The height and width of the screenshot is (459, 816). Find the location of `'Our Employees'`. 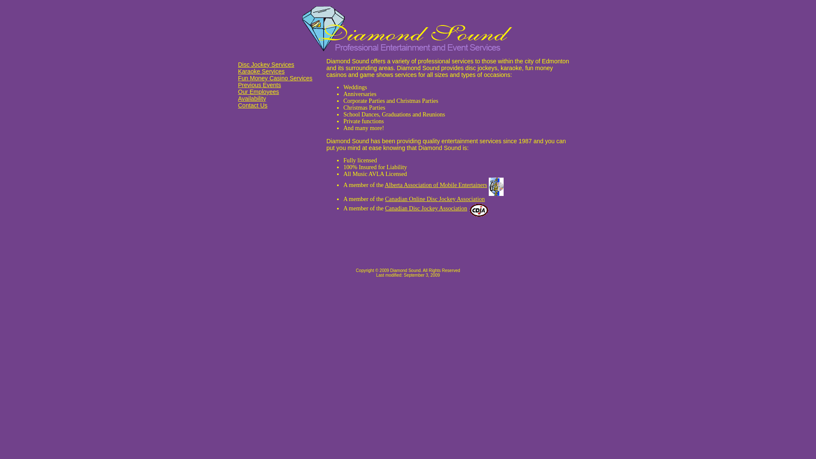

'Our Employees' is located at coordinates (258, 92).